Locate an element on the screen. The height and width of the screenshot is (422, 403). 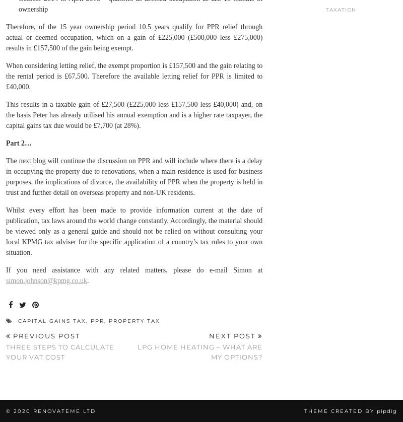
'Next Post' is located at coordinates (233, 334).